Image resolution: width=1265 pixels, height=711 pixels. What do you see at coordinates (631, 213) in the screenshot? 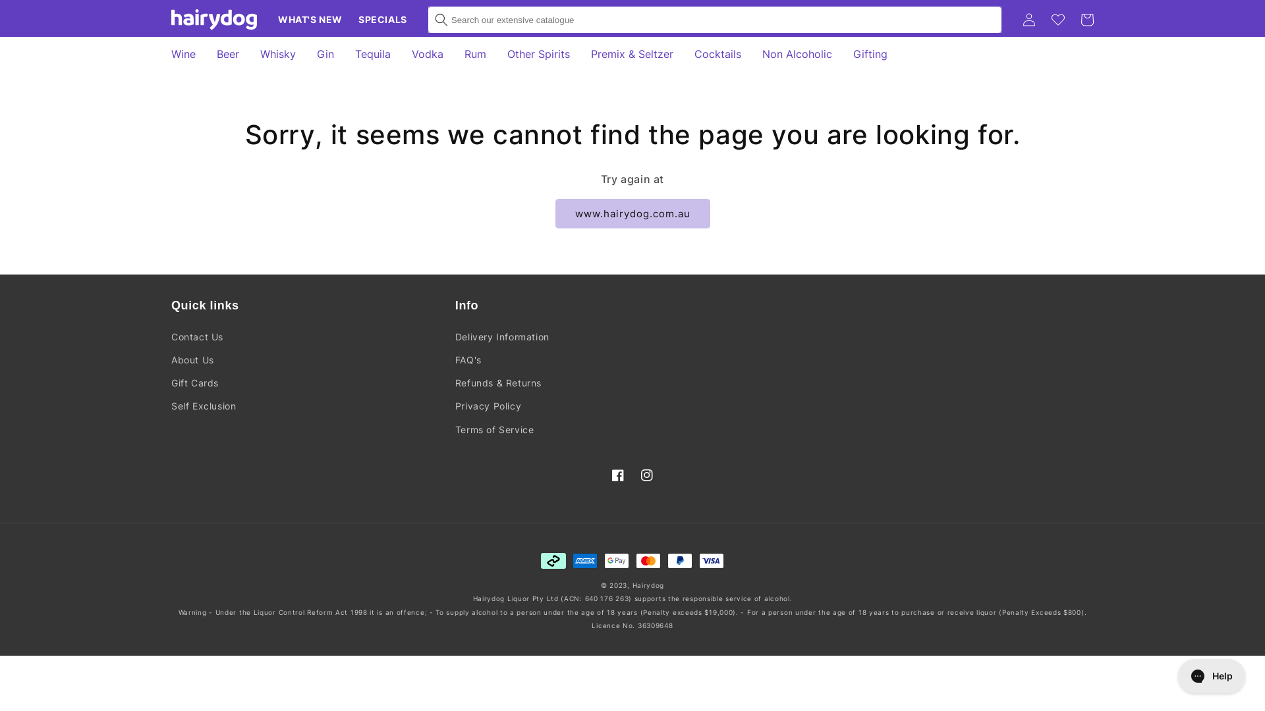
I see `'www.hairydog.com.au'` at bounding box center [631, 213].